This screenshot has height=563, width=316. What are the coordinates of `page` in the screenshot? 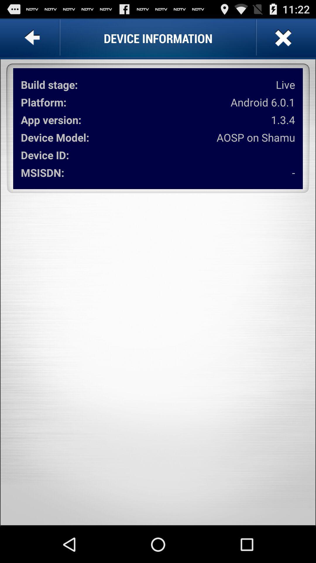 It's located at (282, 38).